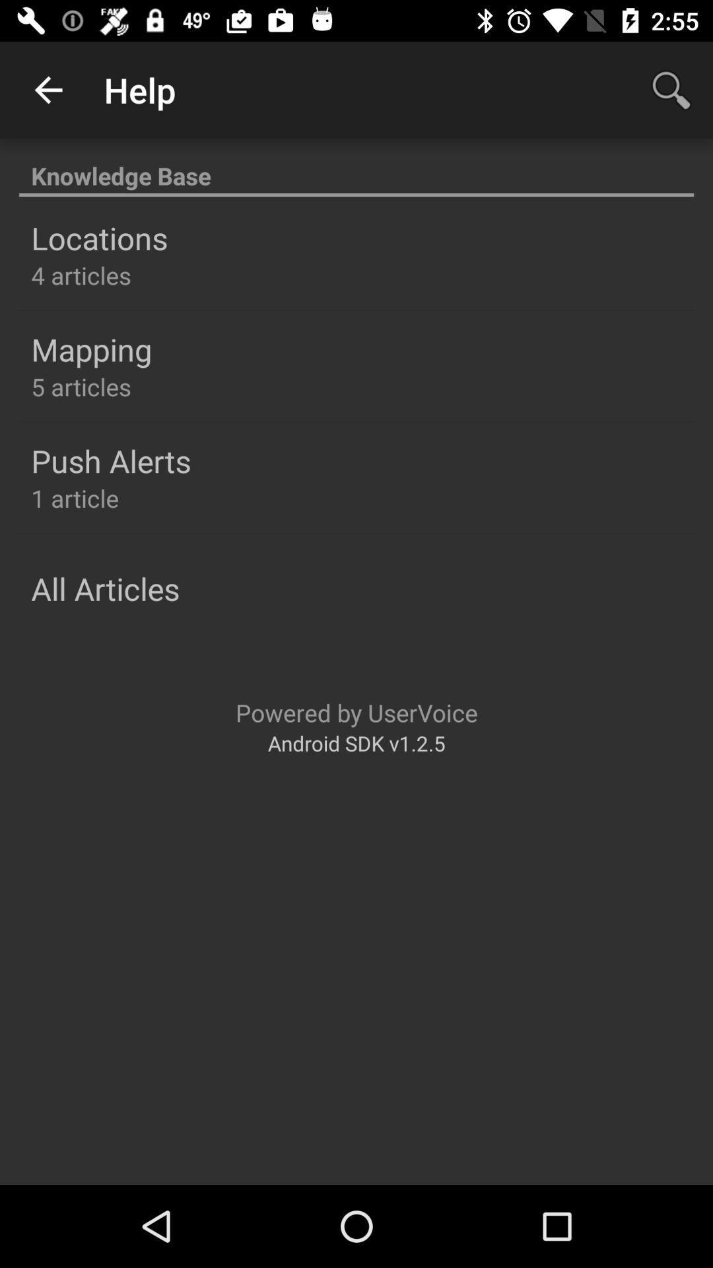 Image resolution: width=713 pixels, height=1268 pixels. What do you see at coordinates (110, 460) in the screenshot?
I see `the push alerts item` at bounding box center [110, 460].